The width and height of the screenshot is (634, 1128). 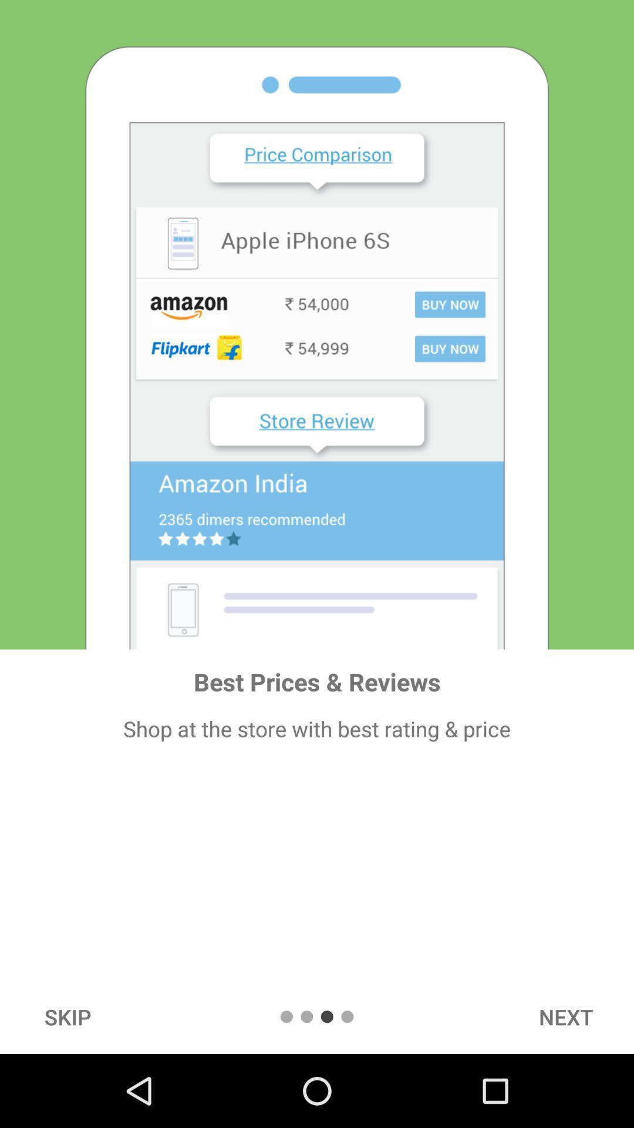 I want to click on the icon below the shop at the icon, so click(x=68, y=1016).